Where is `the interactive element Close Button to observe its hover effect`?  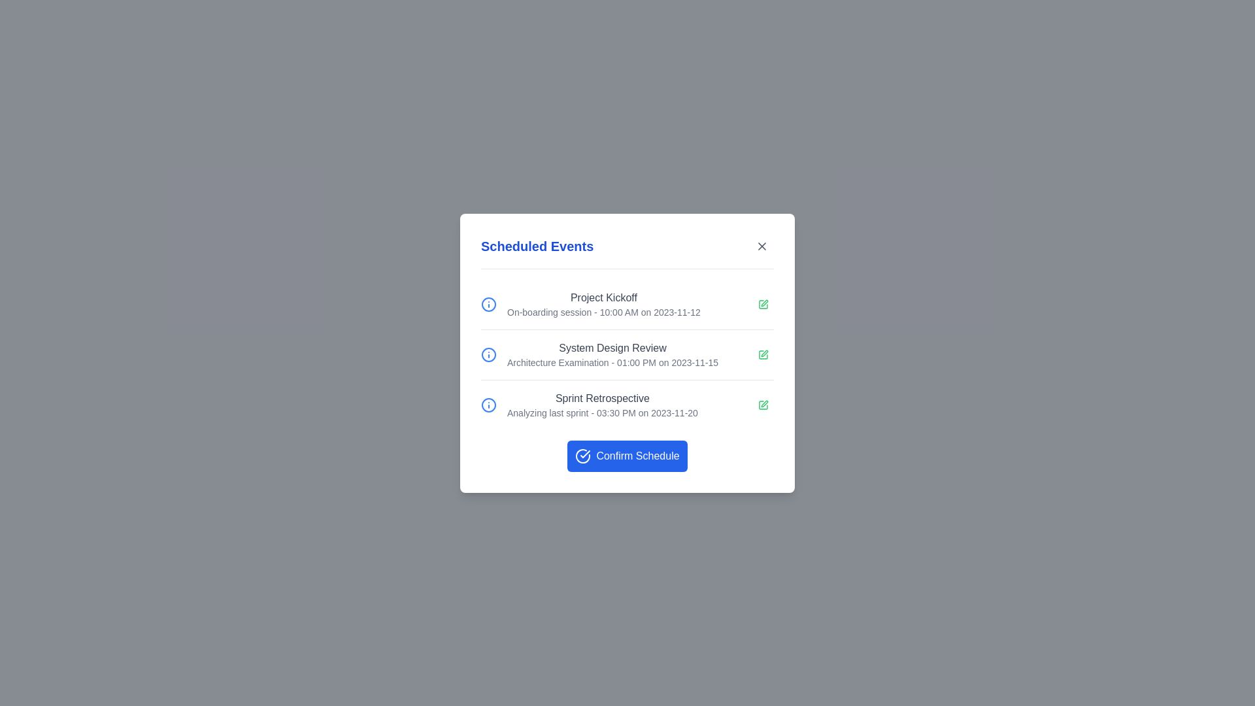 the interactive element Close Button to observe its hover effect is located at coordinates (762, 246).